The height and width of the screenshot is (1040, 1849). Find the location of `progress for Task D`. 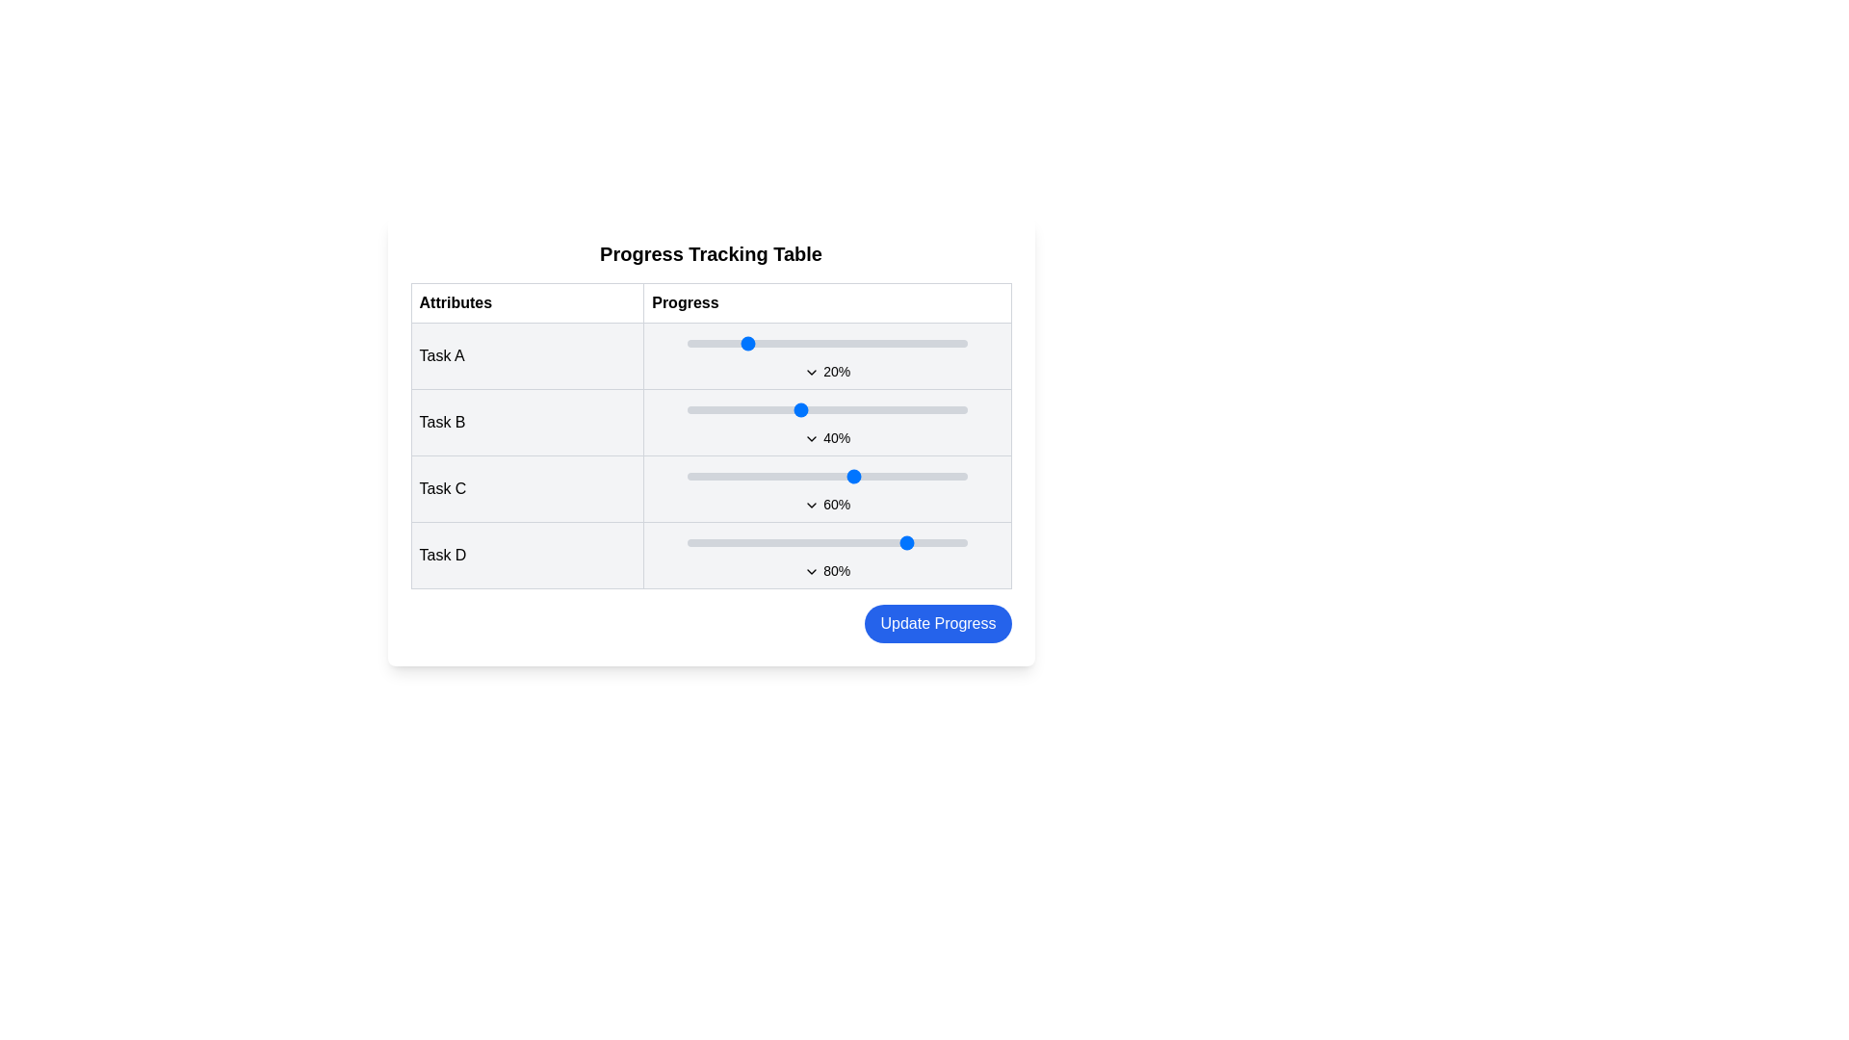

progress for Task D is located at coordinates (779, 542).